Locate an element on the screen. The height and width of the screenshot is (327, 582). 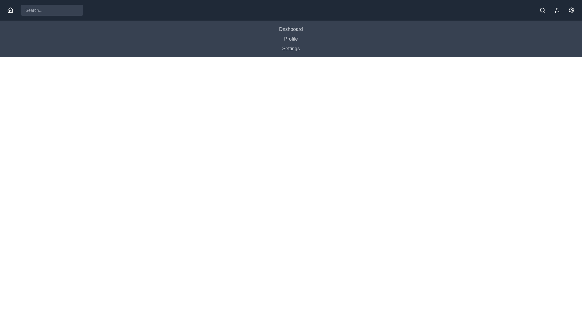
the 'Profile' text label is located at coordinates (291, 39).